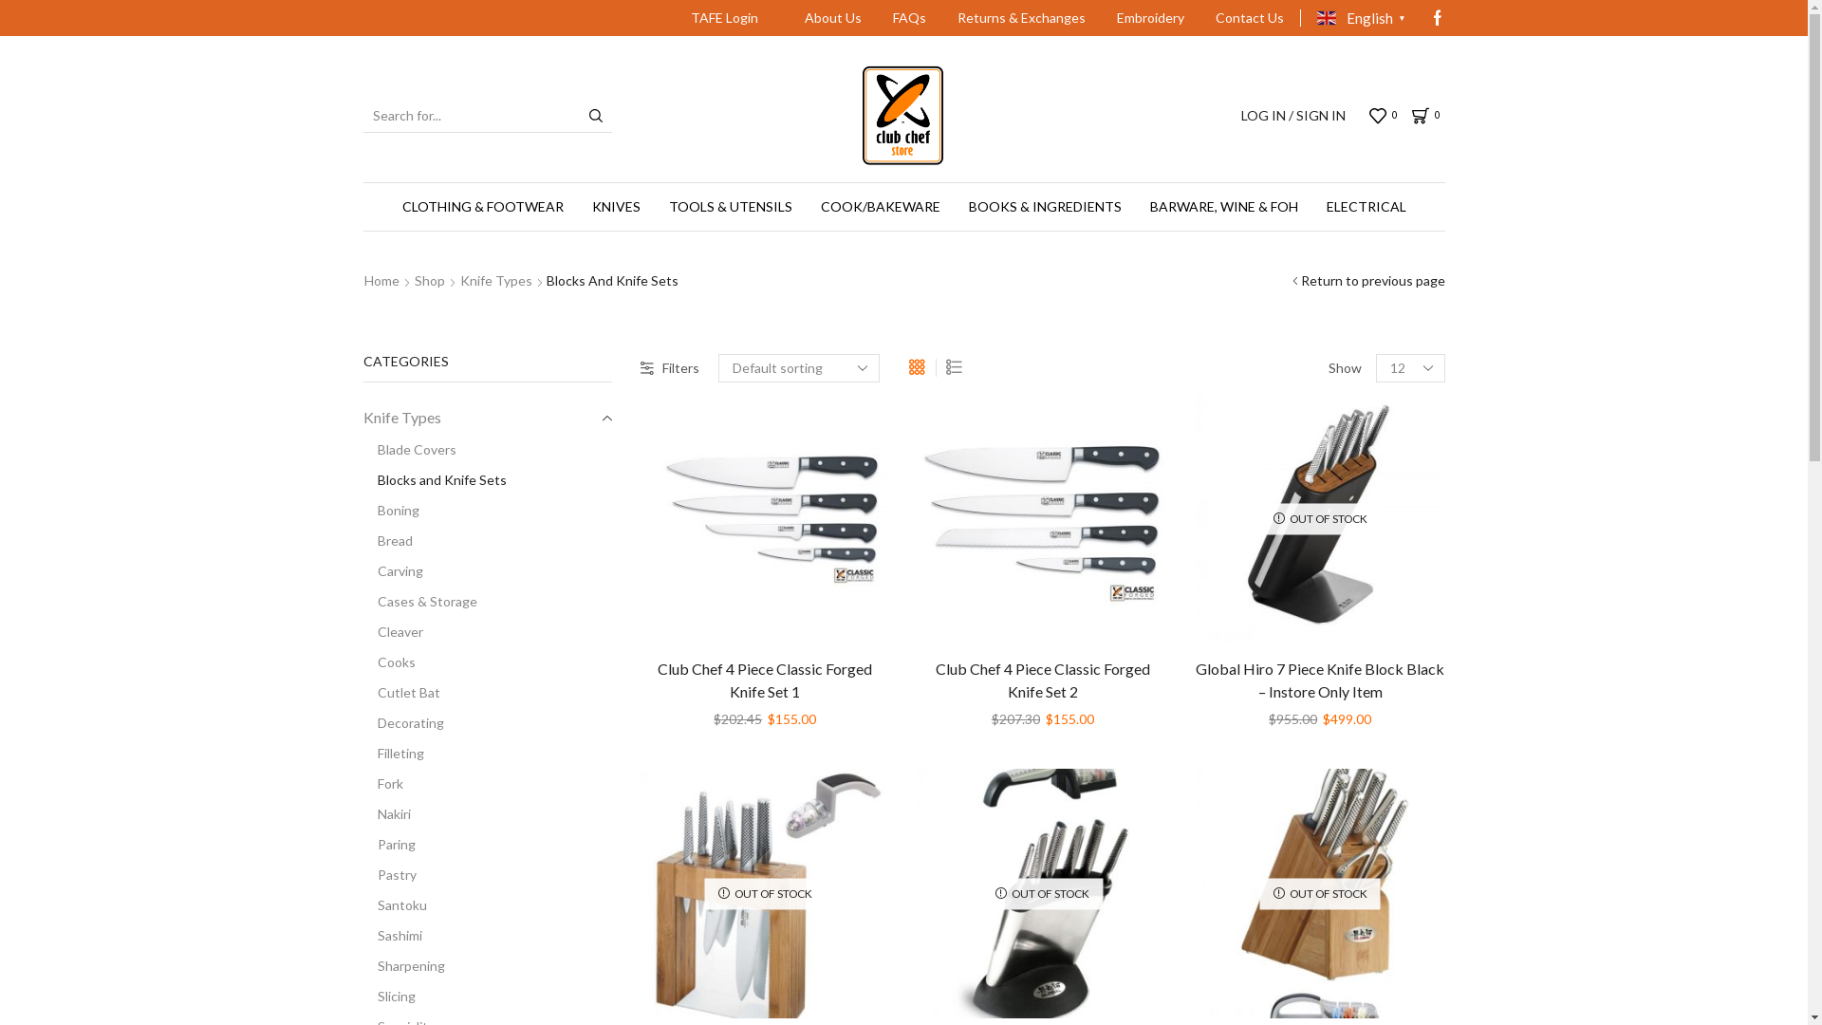 This screenshot has width=1822, height=1025. Describe the element at coordinates (363, 478) in the screenshot. I see `'Blocks and Knife Sets'` at that location.